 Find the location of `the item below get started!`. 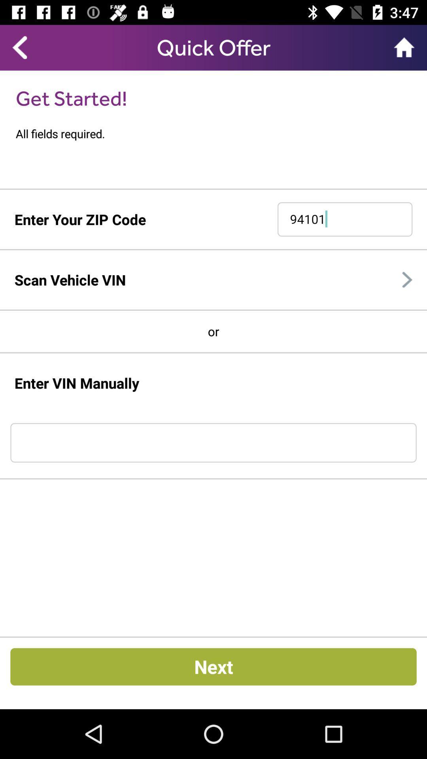

the item below get started! is located at coordinates (221, 134).